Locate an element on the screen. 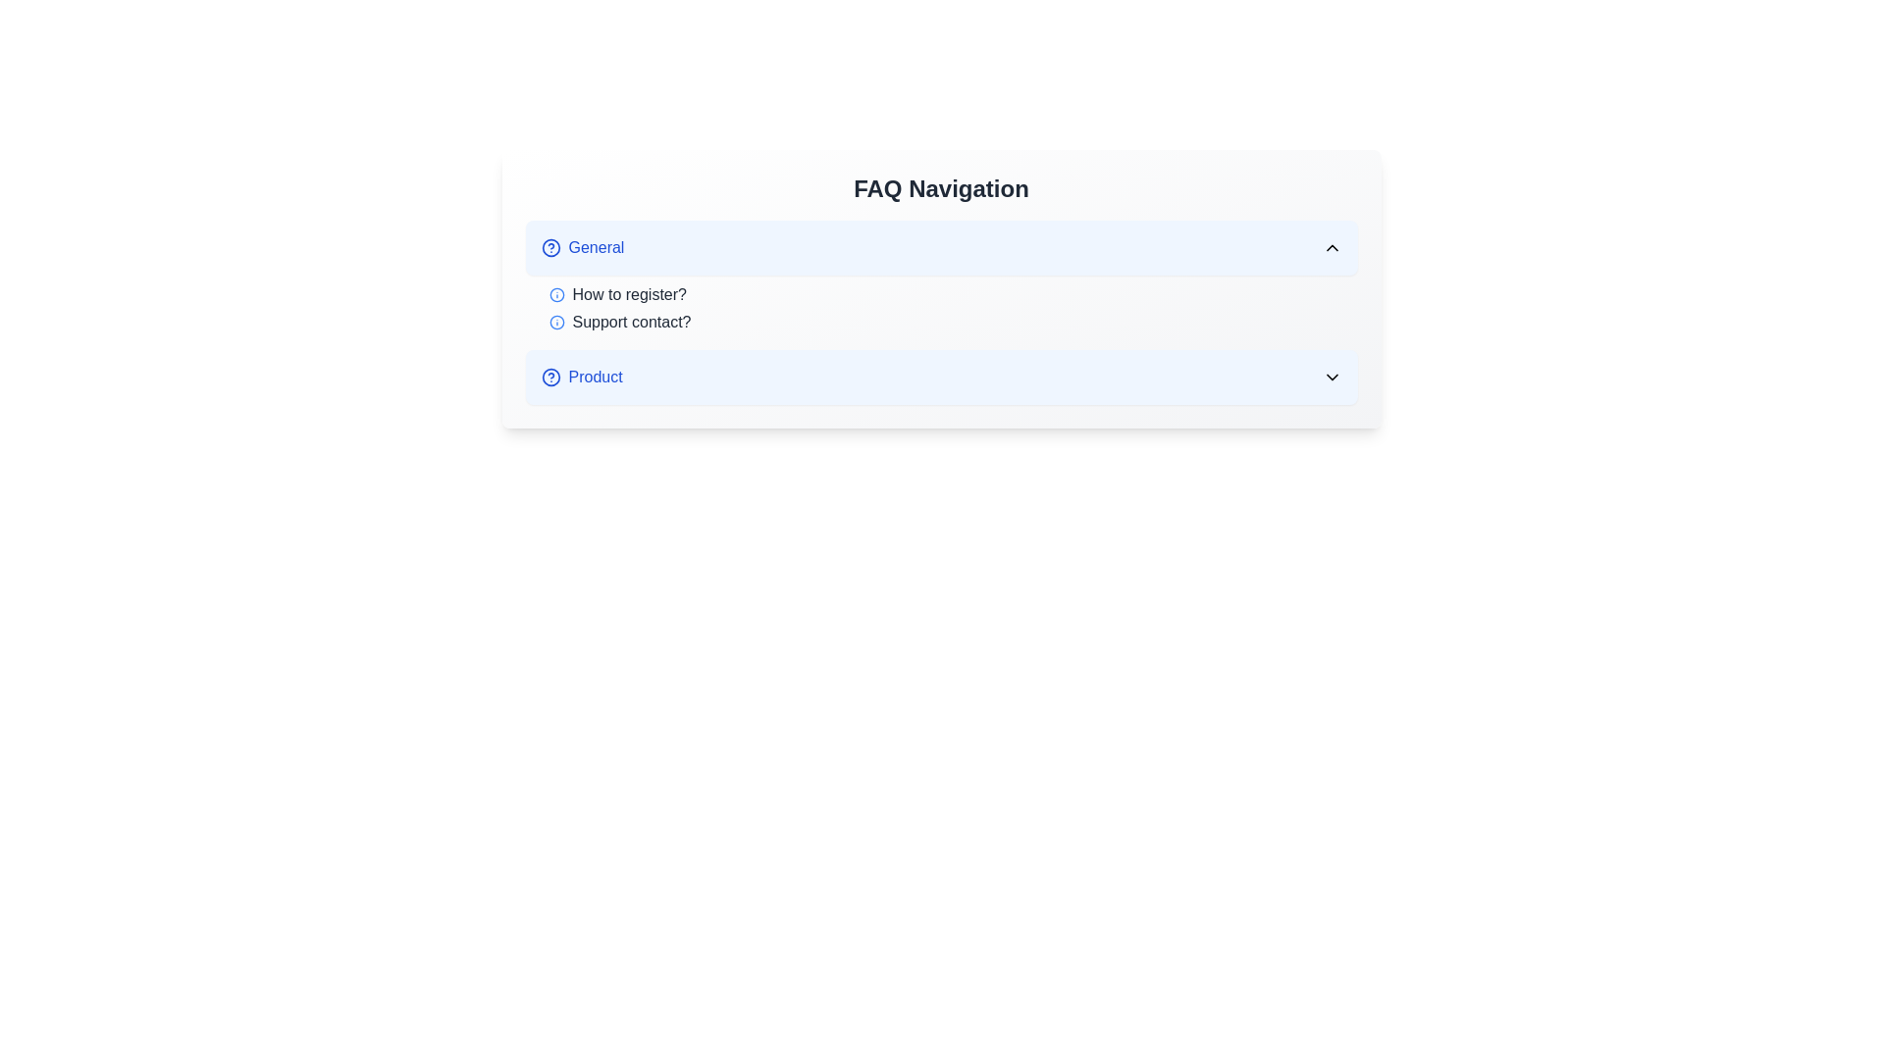 This screenshot has height=1059, width=1884. the visual indicator icon located to the left of the 'Product' section in the FAQ navigation list is located at coordinates (549, 378).